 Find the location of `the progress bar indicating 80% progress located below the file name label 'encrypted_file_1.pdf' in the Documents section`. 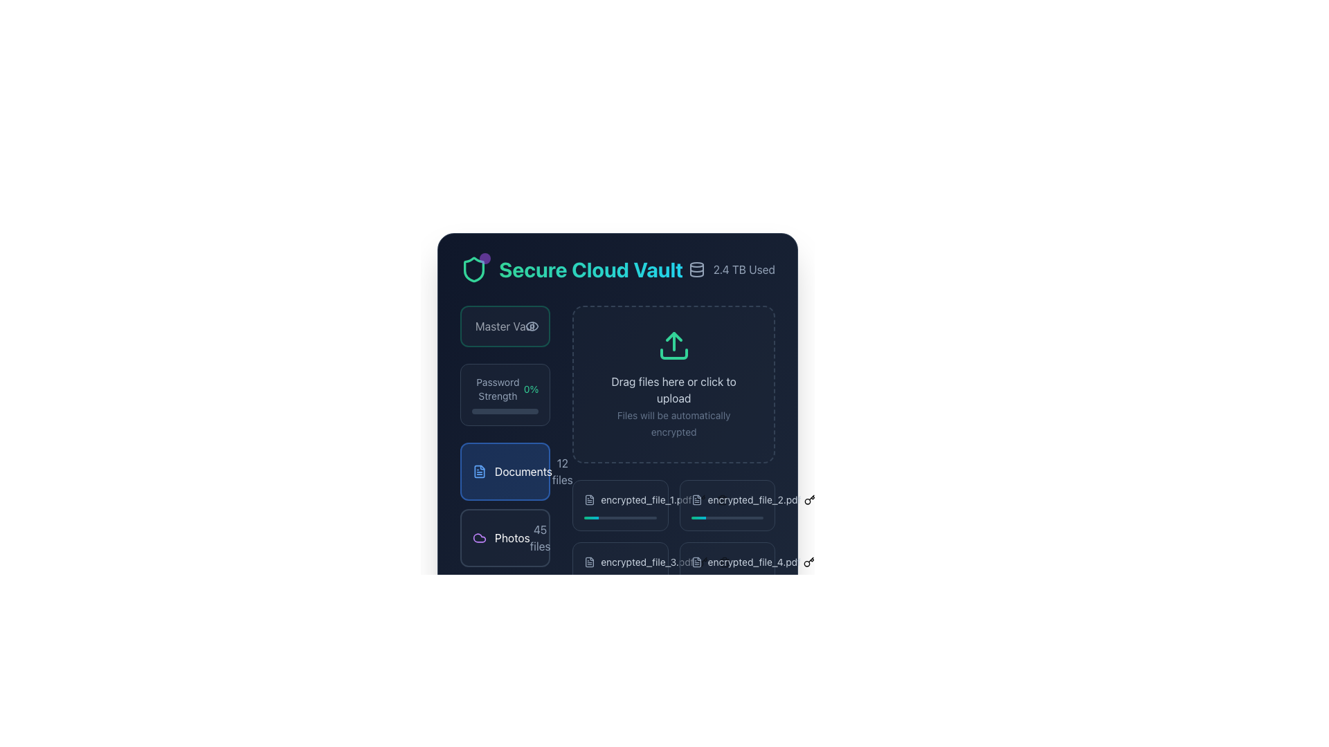

the progress bar indicating 80% progress located below the file name label 'encrypted_file_1.pdf' in the Documents section is located at coordinates (620, 517).